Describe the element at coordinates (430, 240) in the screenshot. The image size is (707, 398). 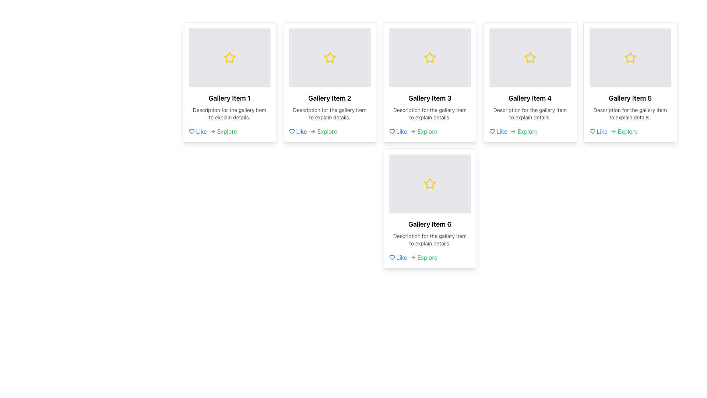
I see `the text block that provides a brief description for 'Gallery Item 6', located beneath the title within the card` at that location.